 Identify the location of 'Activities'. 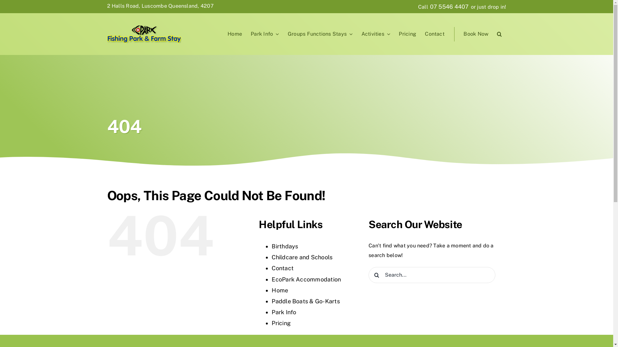
(376, 34).